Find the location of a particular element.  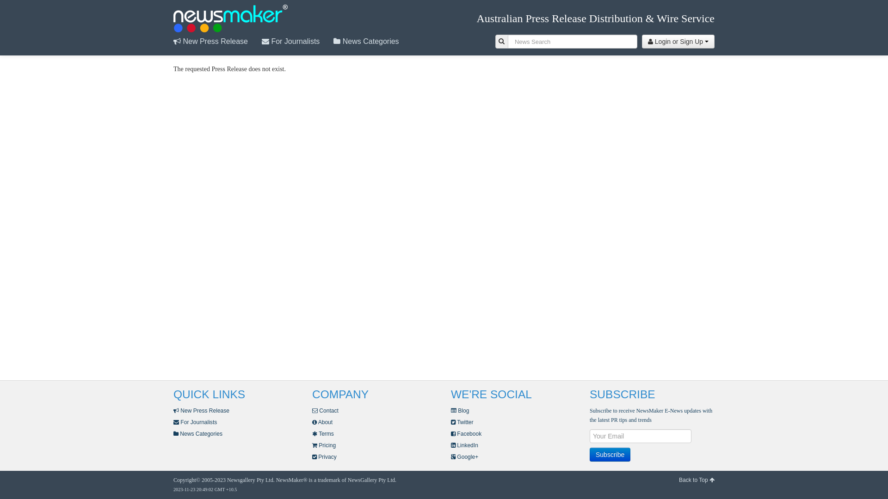

'New Press Release' is located at coordinates (217, 41).